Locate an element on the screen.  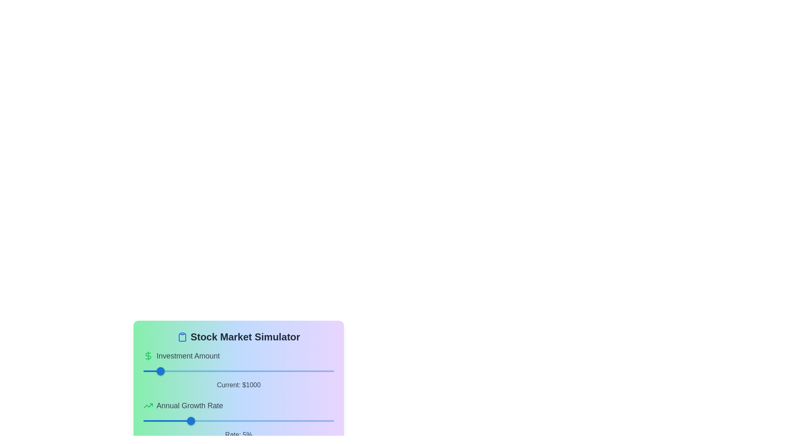
the annual growth rate is located at coordinates (151, 421).